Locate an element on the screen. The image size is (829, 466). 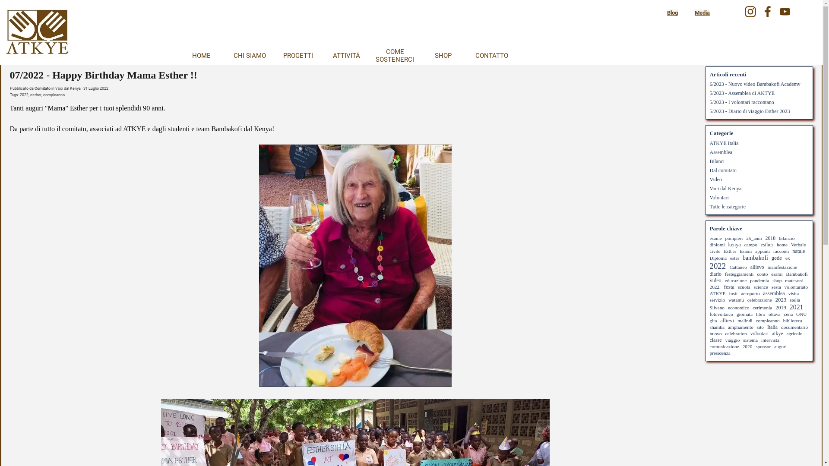
'Volontari' is located at coordinates (709, 197).